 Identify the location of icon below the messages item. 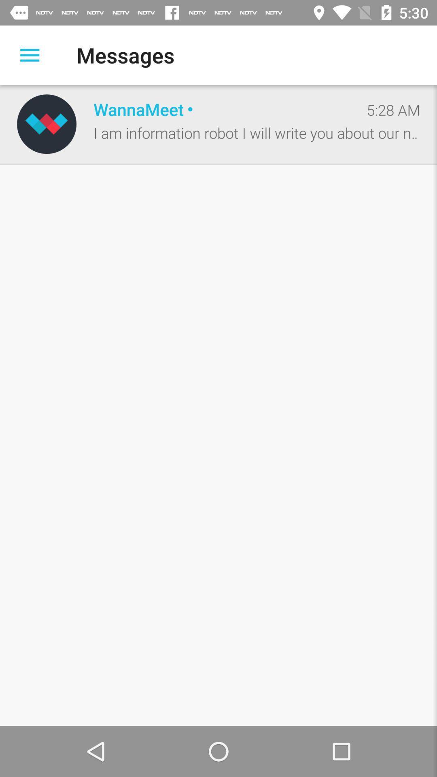
(221, 108).